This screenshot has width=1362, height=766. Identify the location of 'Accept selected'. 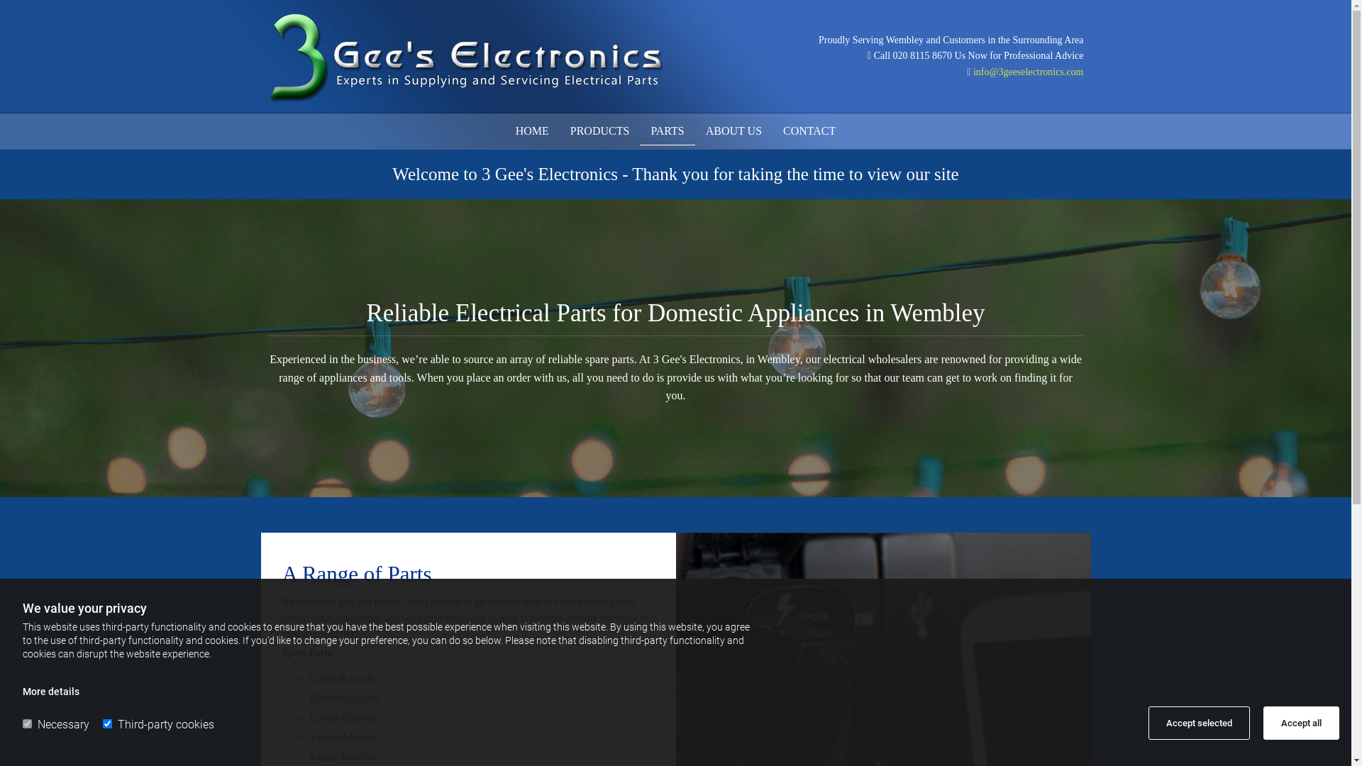
(1198, 723).